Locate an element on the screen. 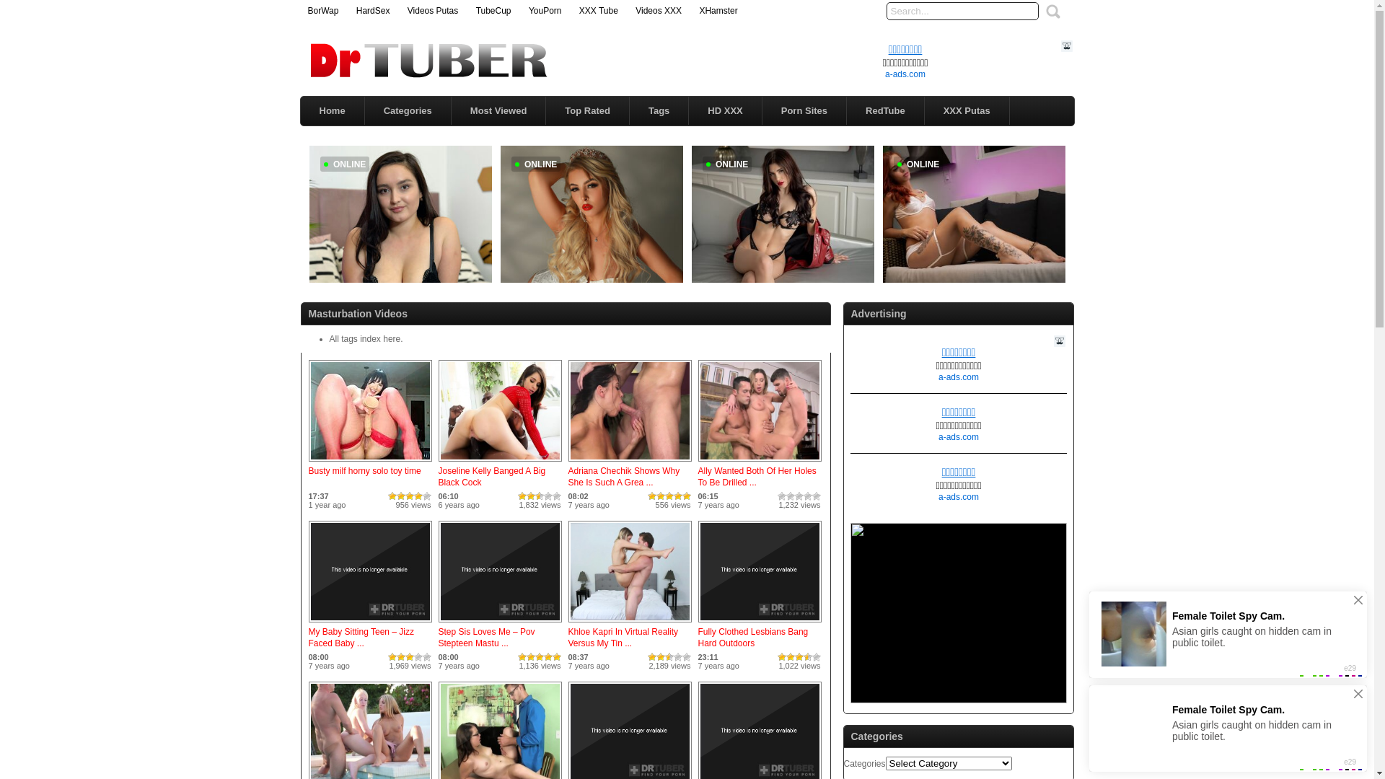 This screenshot has width=1385, height=779. 'Home' is located at coordinates (331, 110).